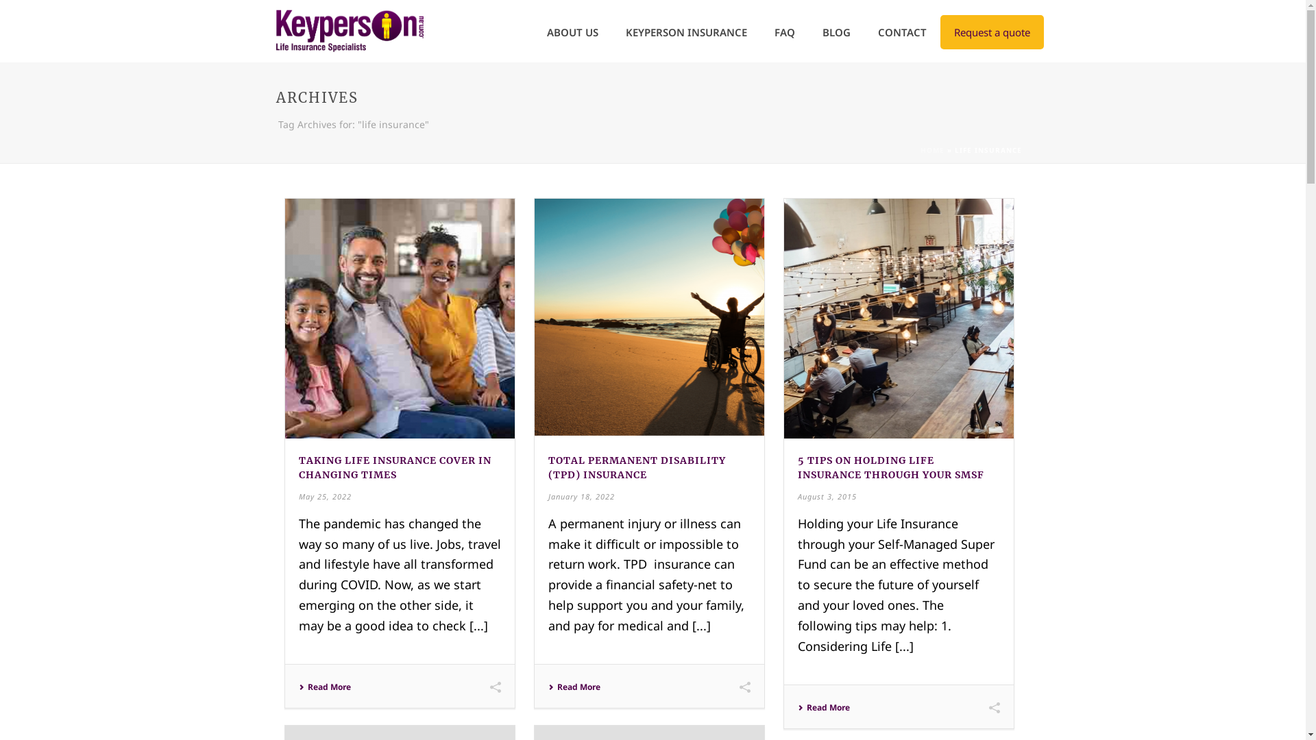 Image resolution: width=1316 pixels, height=740 pixels. Describe the element at coordinates (572, 31) in the screenshot. I see `'ABOUT US'` at that location.